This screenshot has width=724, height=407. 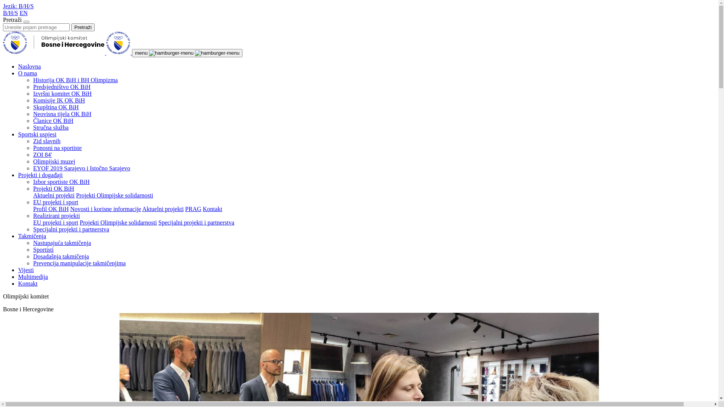 What do you see at coordinates (75, 80) in the screenshot?
I see `'Historija OK BiH i BH Olimpizma'` at bounding box center [75, 80].